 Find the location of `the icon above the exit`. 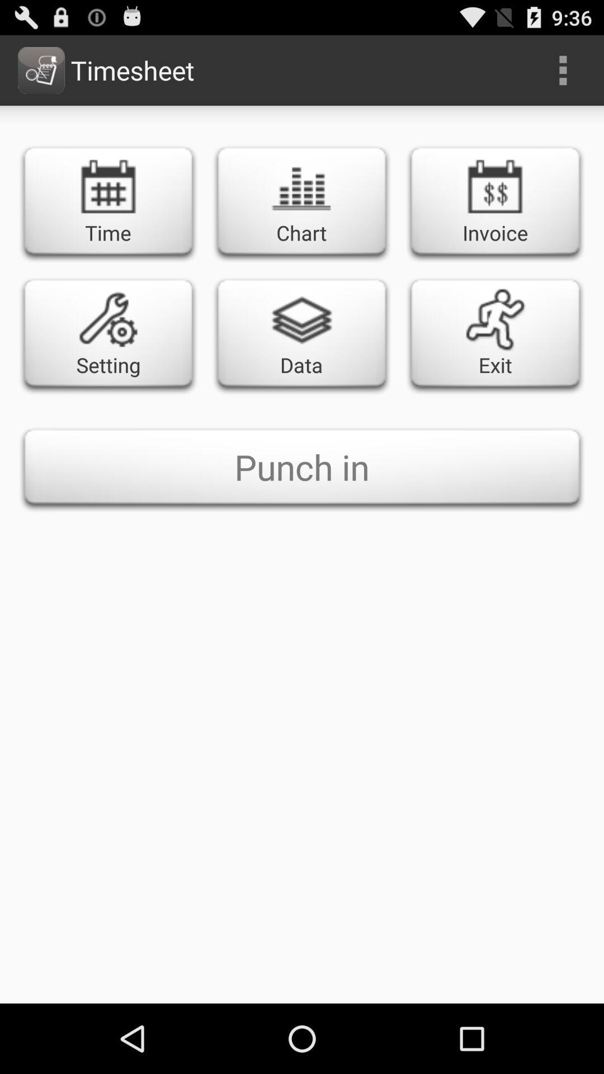

the icon above the exit is located at coordinates (494, 187).